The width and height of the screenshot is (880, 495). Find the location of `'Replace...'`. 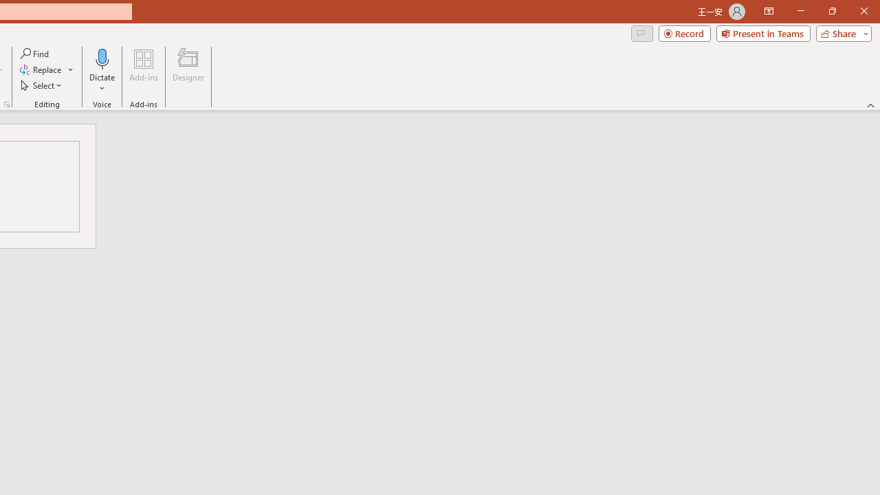

'Replace...' is located at coordinates (41, 69).